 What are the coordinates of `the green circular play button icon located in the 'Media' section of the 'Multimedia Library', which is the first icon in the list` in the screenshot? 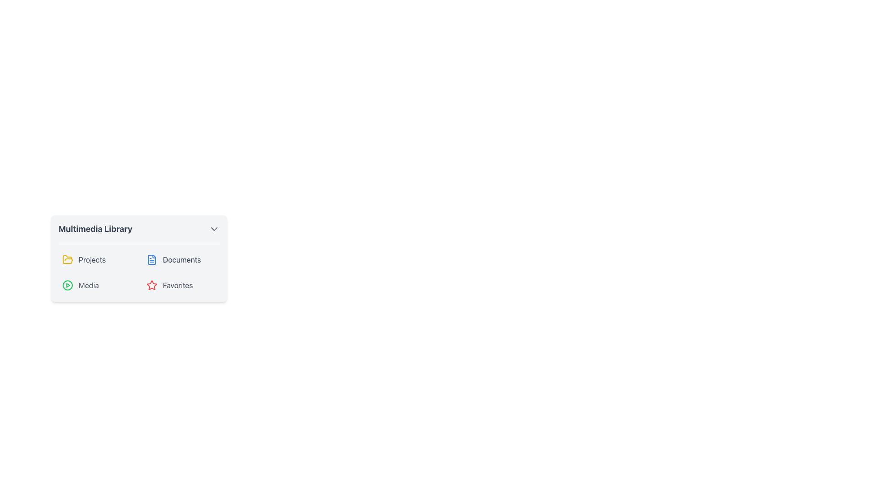 It's located at (67, 285).